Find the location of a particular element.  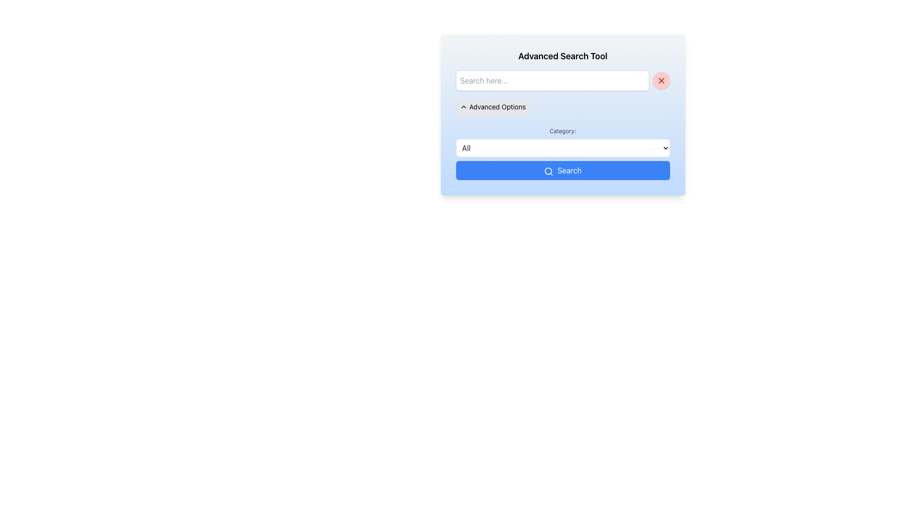

the static text label that describes the dropdown menu for category selection, positioned above the 'All' dropdown and below the 'Advanced Options' toggle is located at coordinates (563, 131).